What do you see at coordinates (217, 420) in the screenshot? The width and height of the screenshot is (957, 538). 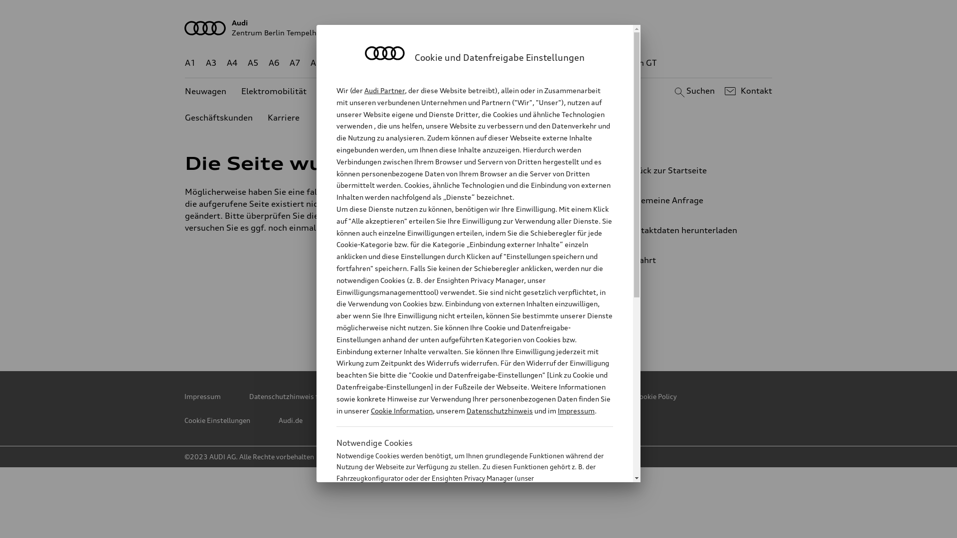 I see `'Cookie Einstellungen'` at bounding box center [217, 420].